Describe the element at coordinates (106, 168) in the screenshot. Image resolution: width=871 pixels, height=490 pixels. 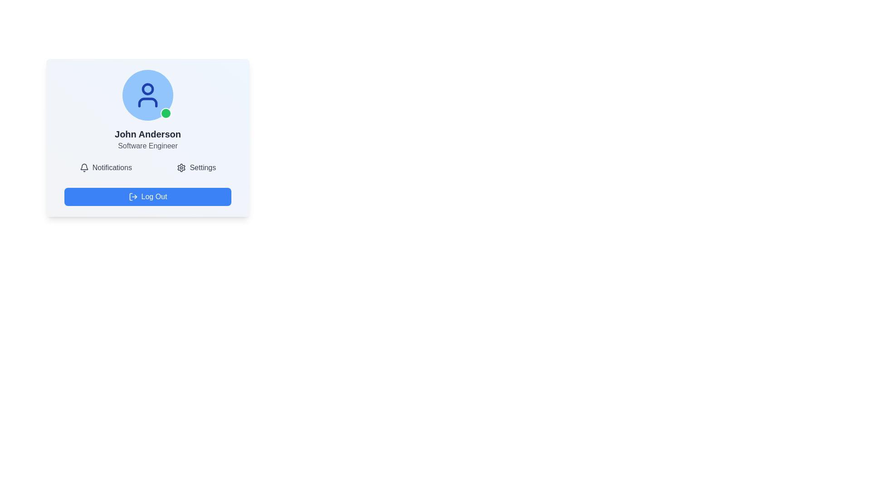
I see `the notifications button located to the left of the 'Settings' button to trigger a color change` at that location.